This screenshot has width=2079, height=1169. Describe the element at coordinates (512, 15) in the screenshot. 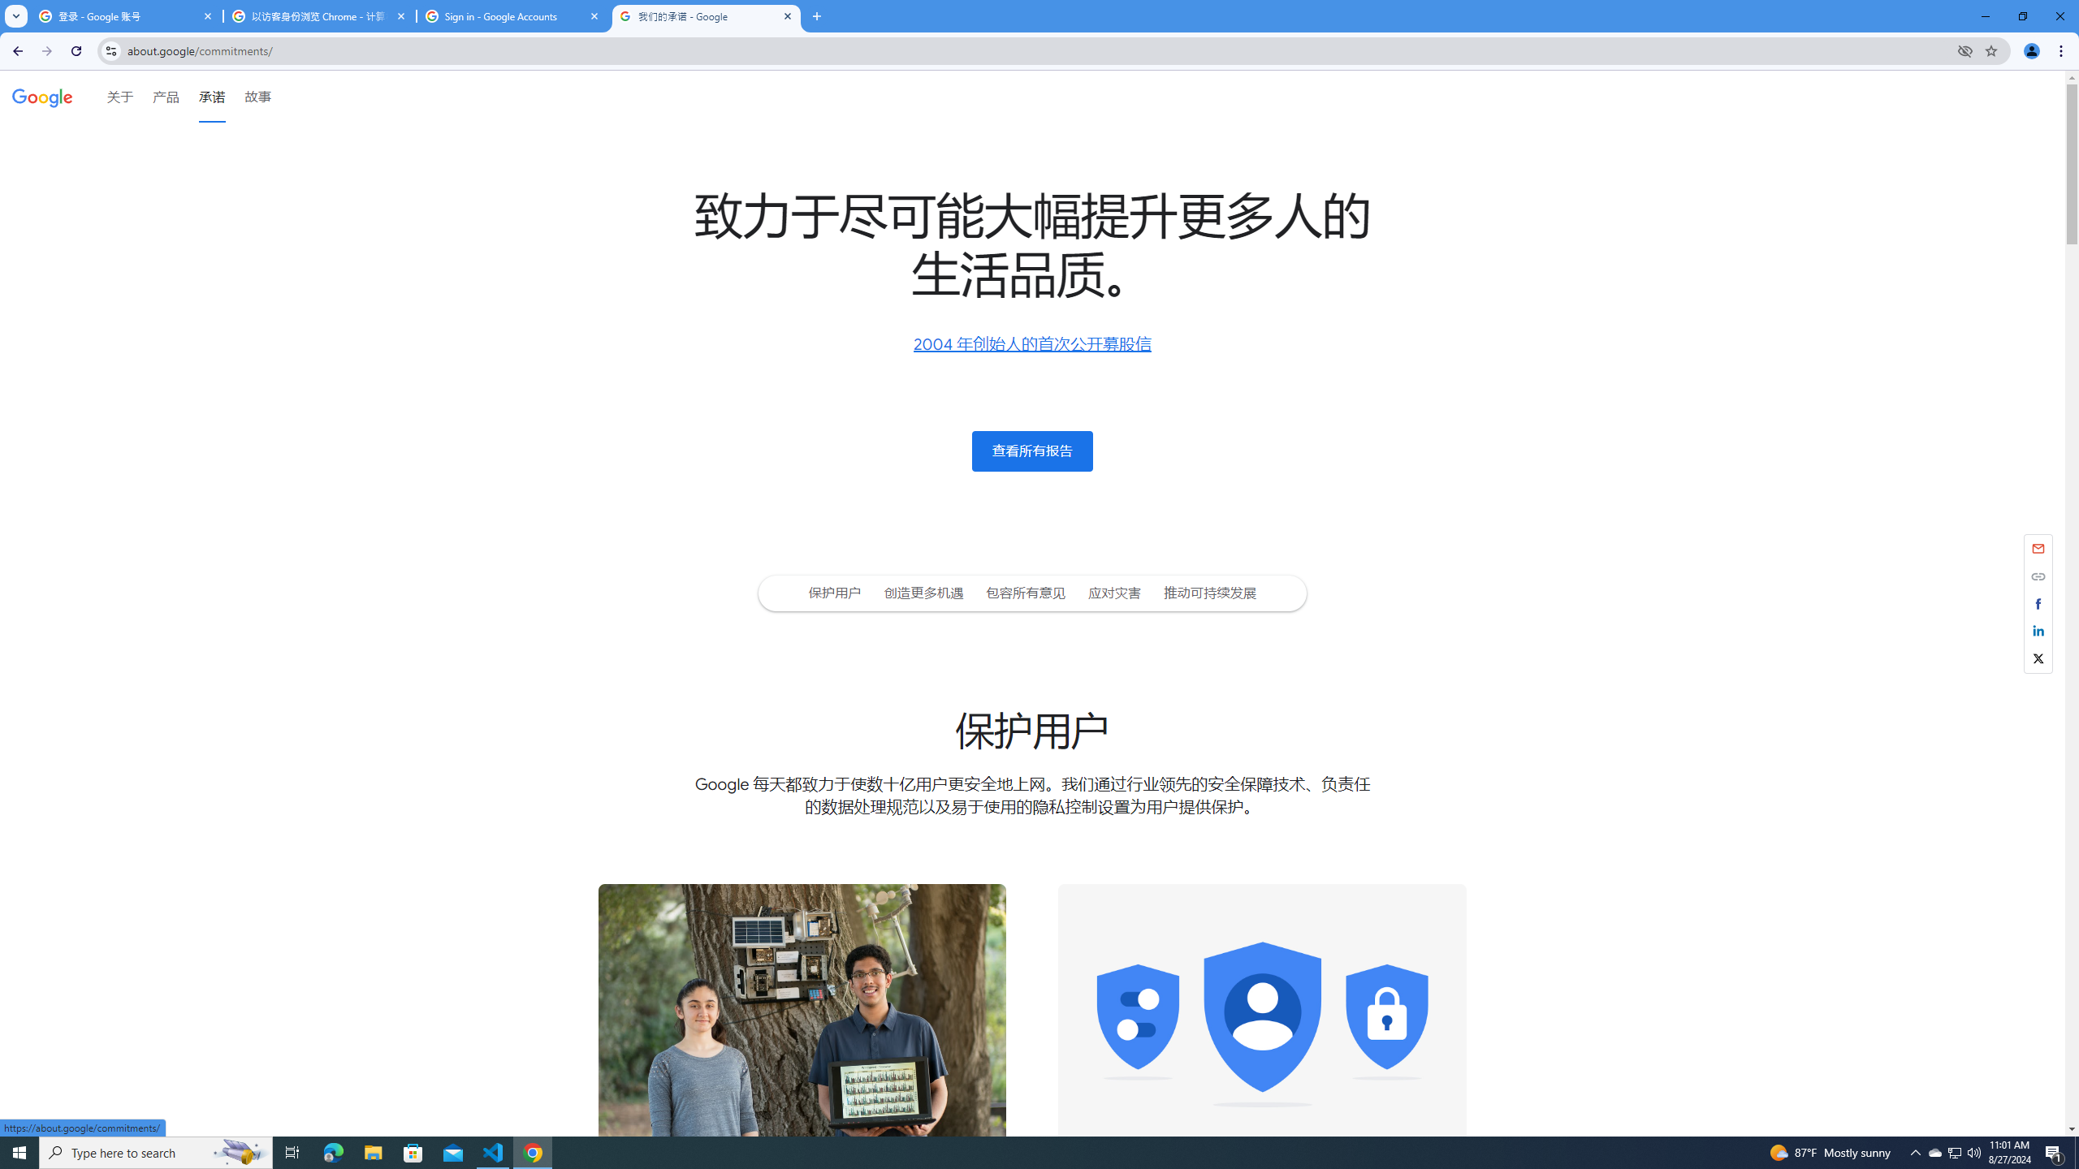

I see `'Sign in - Google Accounts'` at that location.